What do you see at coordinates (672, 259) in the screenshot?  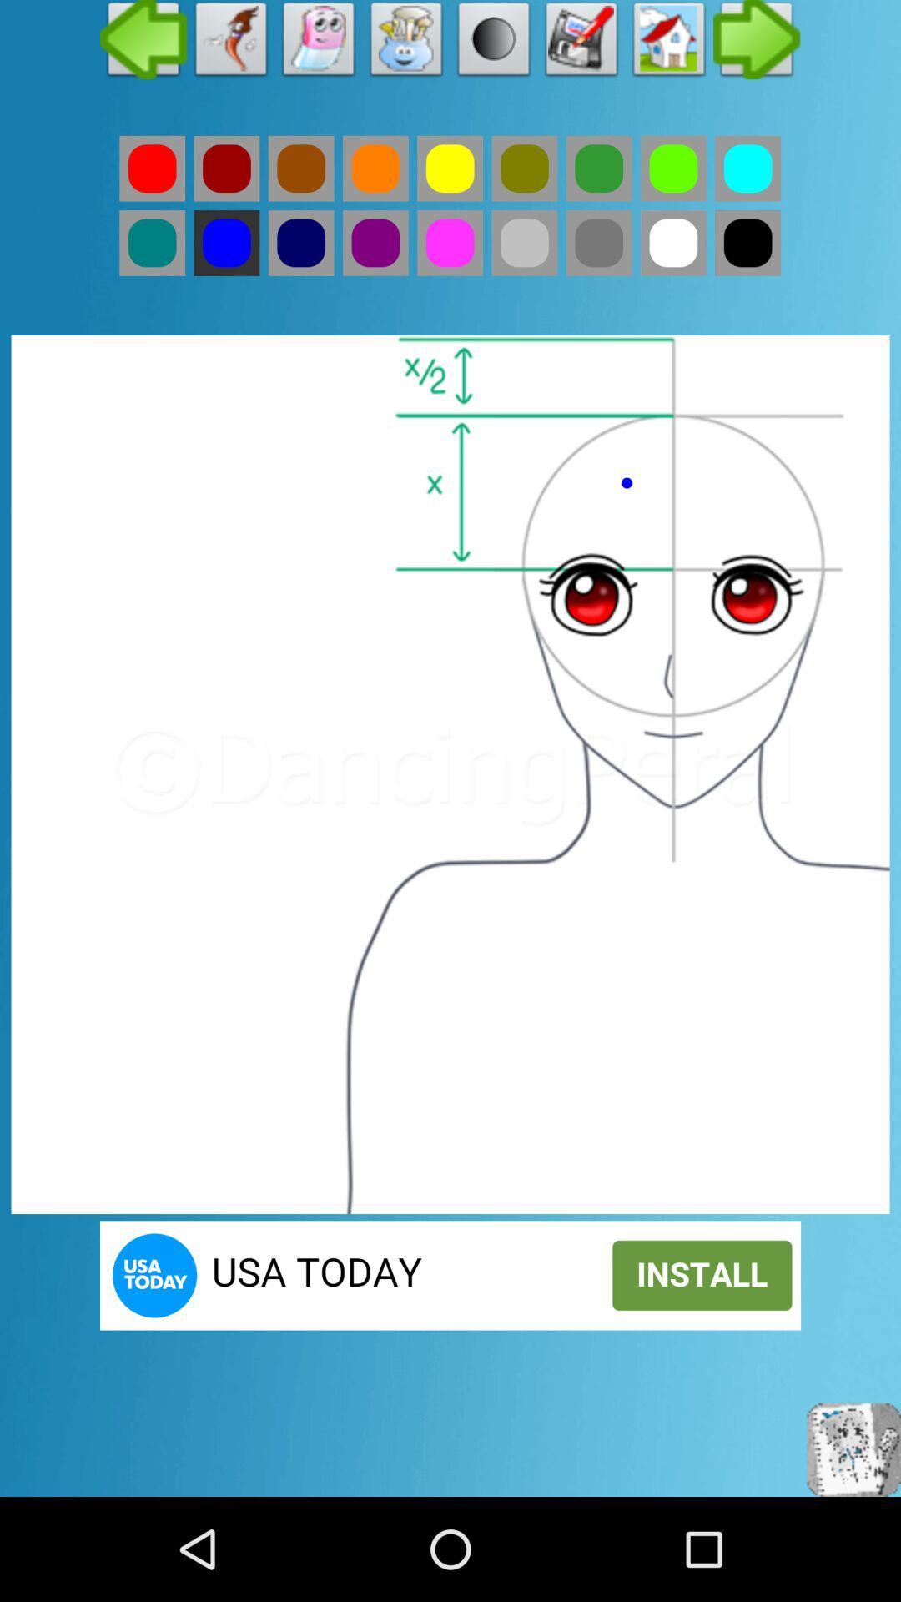 I see `the avatar icon` at bounding box center [672, 259].